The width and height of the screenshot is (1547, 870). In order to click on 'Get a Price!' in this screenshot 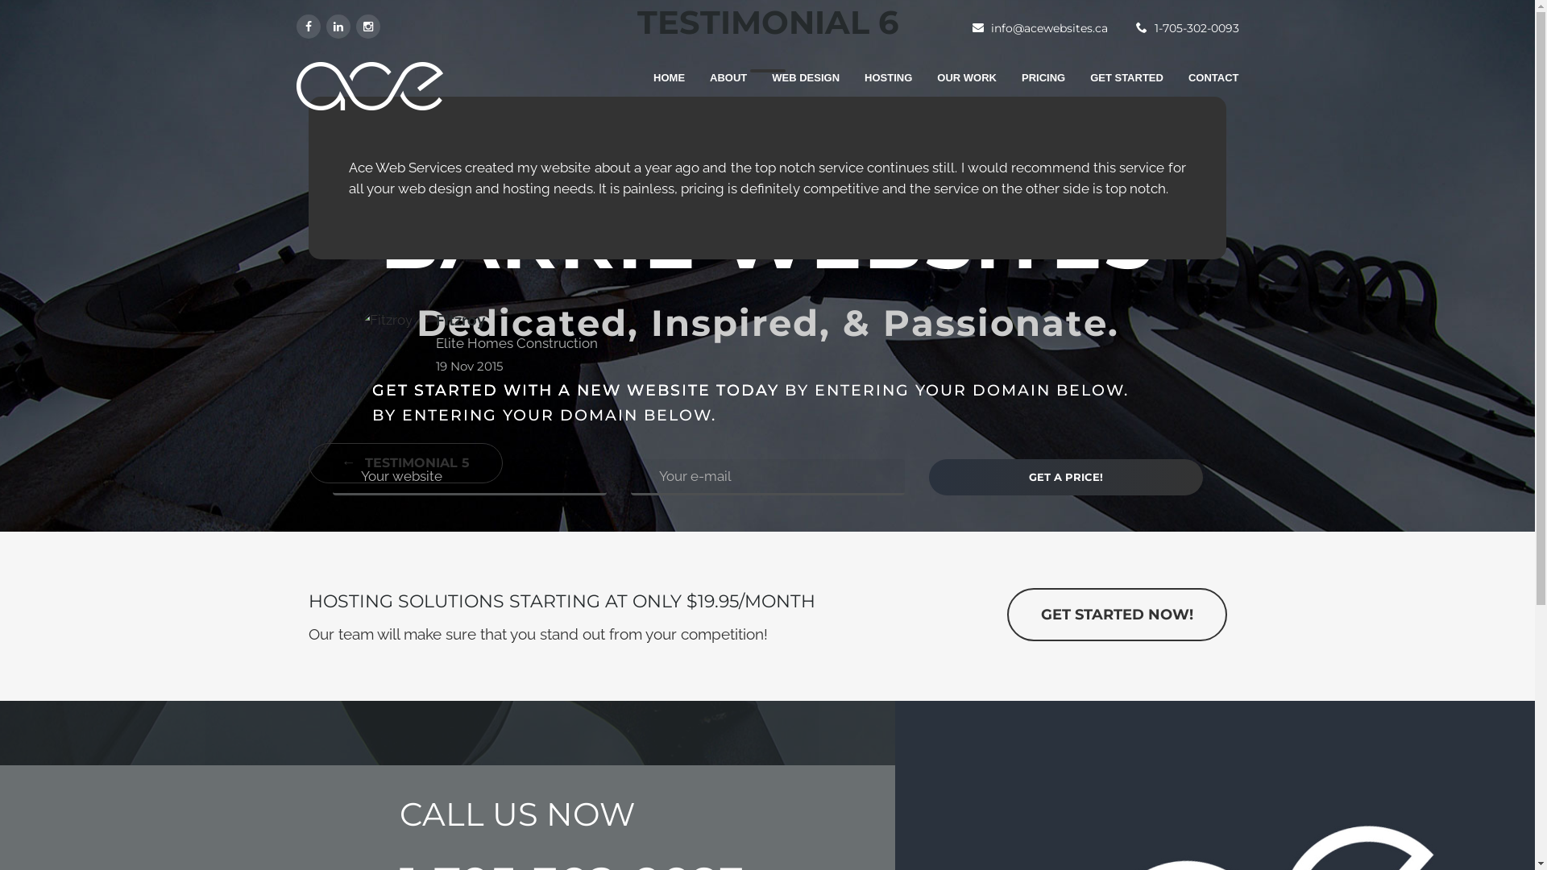, I will do `click(1064, 476)`.